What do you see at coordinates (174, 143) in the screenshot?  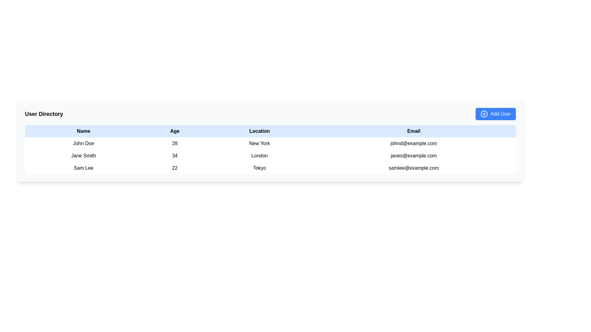 I see `the table cell displaying the numeric value '28' in the second column of the first row under the 'Age' header` at bounding box center [174, 143].